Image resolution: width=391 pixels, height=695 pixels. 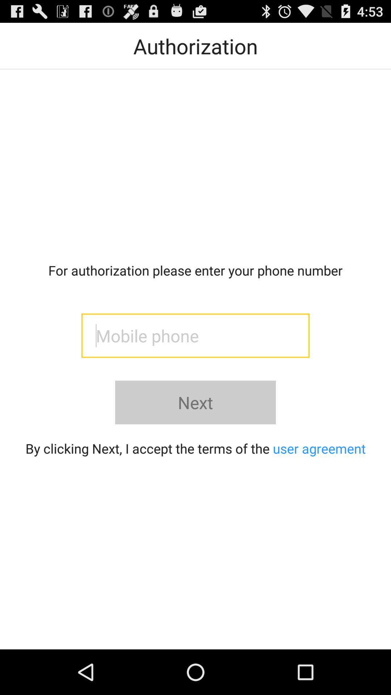 I want to click on phone number, so click(x=195, y=335).